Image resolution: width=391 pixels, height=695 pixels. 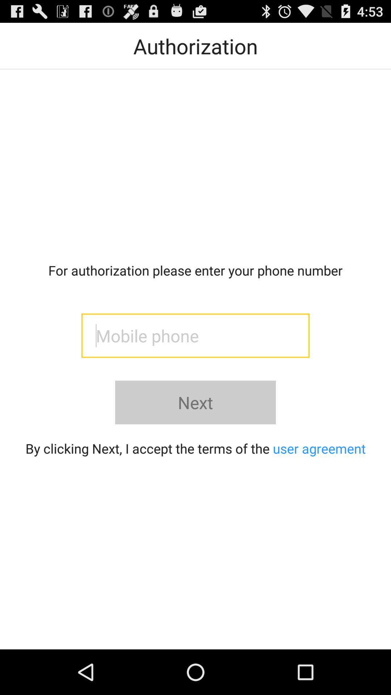 I want to click on phone number, so click(x=195, y=335).